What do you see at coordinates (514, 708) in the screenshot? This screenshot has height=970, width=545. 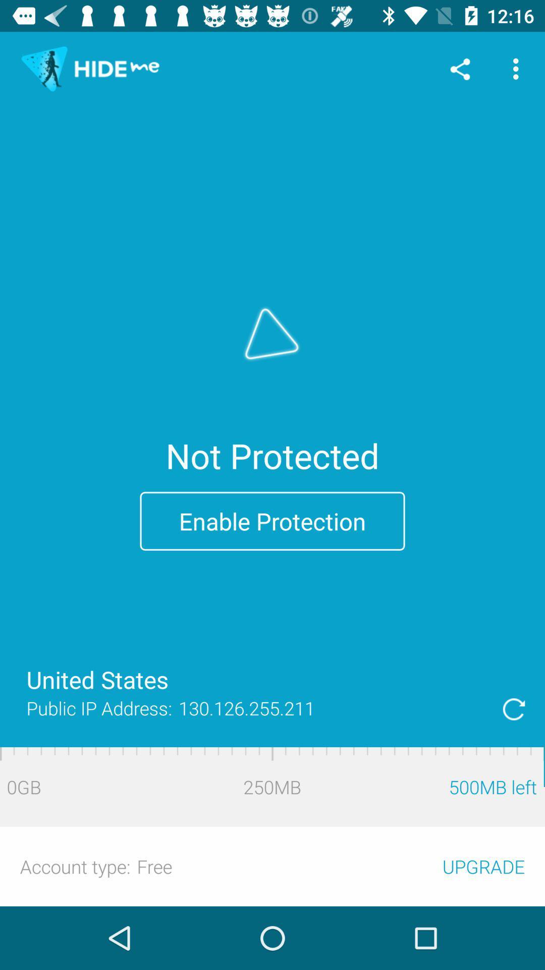 I see `the refresh icon` at bounding box center [514, 708].